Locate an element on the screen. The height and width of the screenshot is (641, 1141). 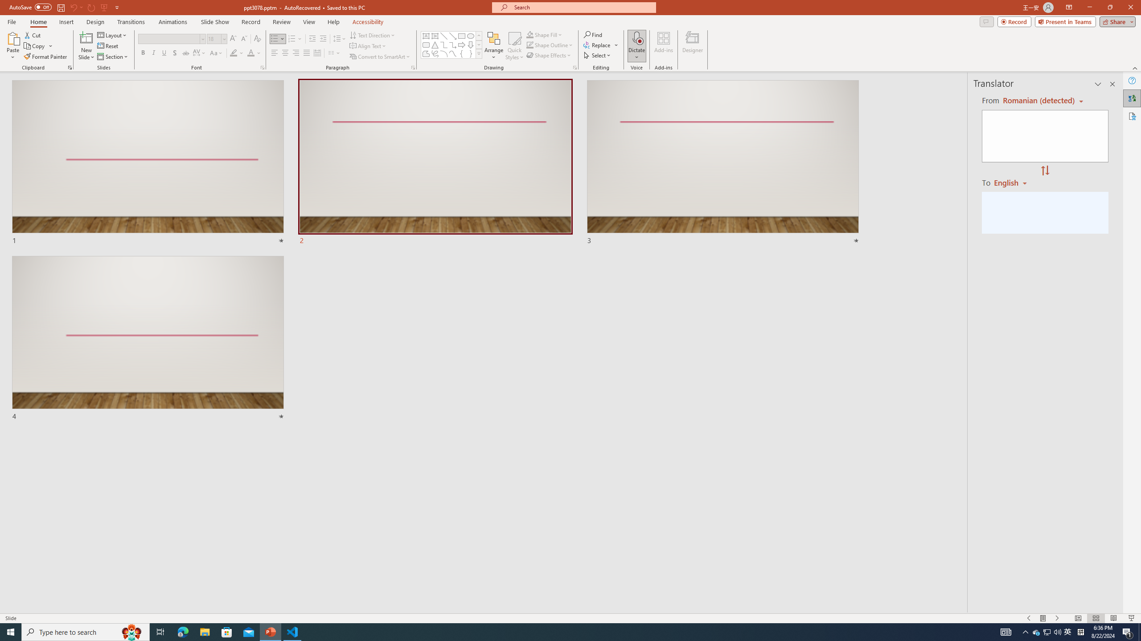
'Design' is located at coordinates (96, 22).